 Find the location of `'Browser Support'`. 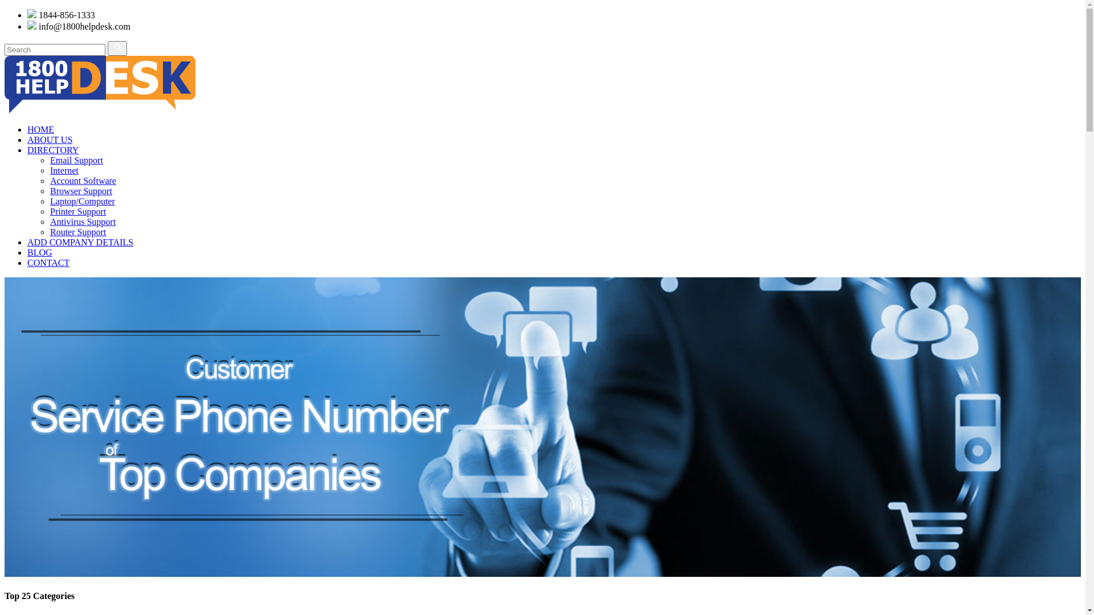

'Browser Support' is located at coordinates (80, 190).